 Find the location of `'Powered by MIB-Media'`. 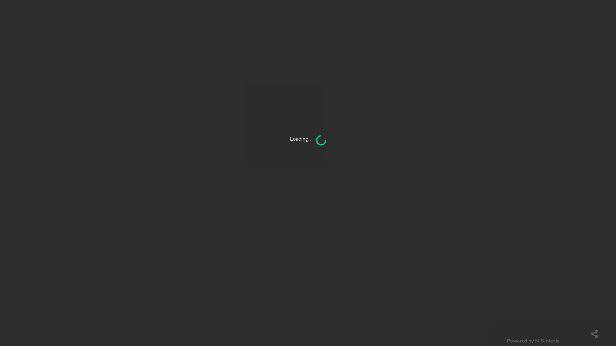

'Powered by MIB-Media' is located at coordinates (533, 340).